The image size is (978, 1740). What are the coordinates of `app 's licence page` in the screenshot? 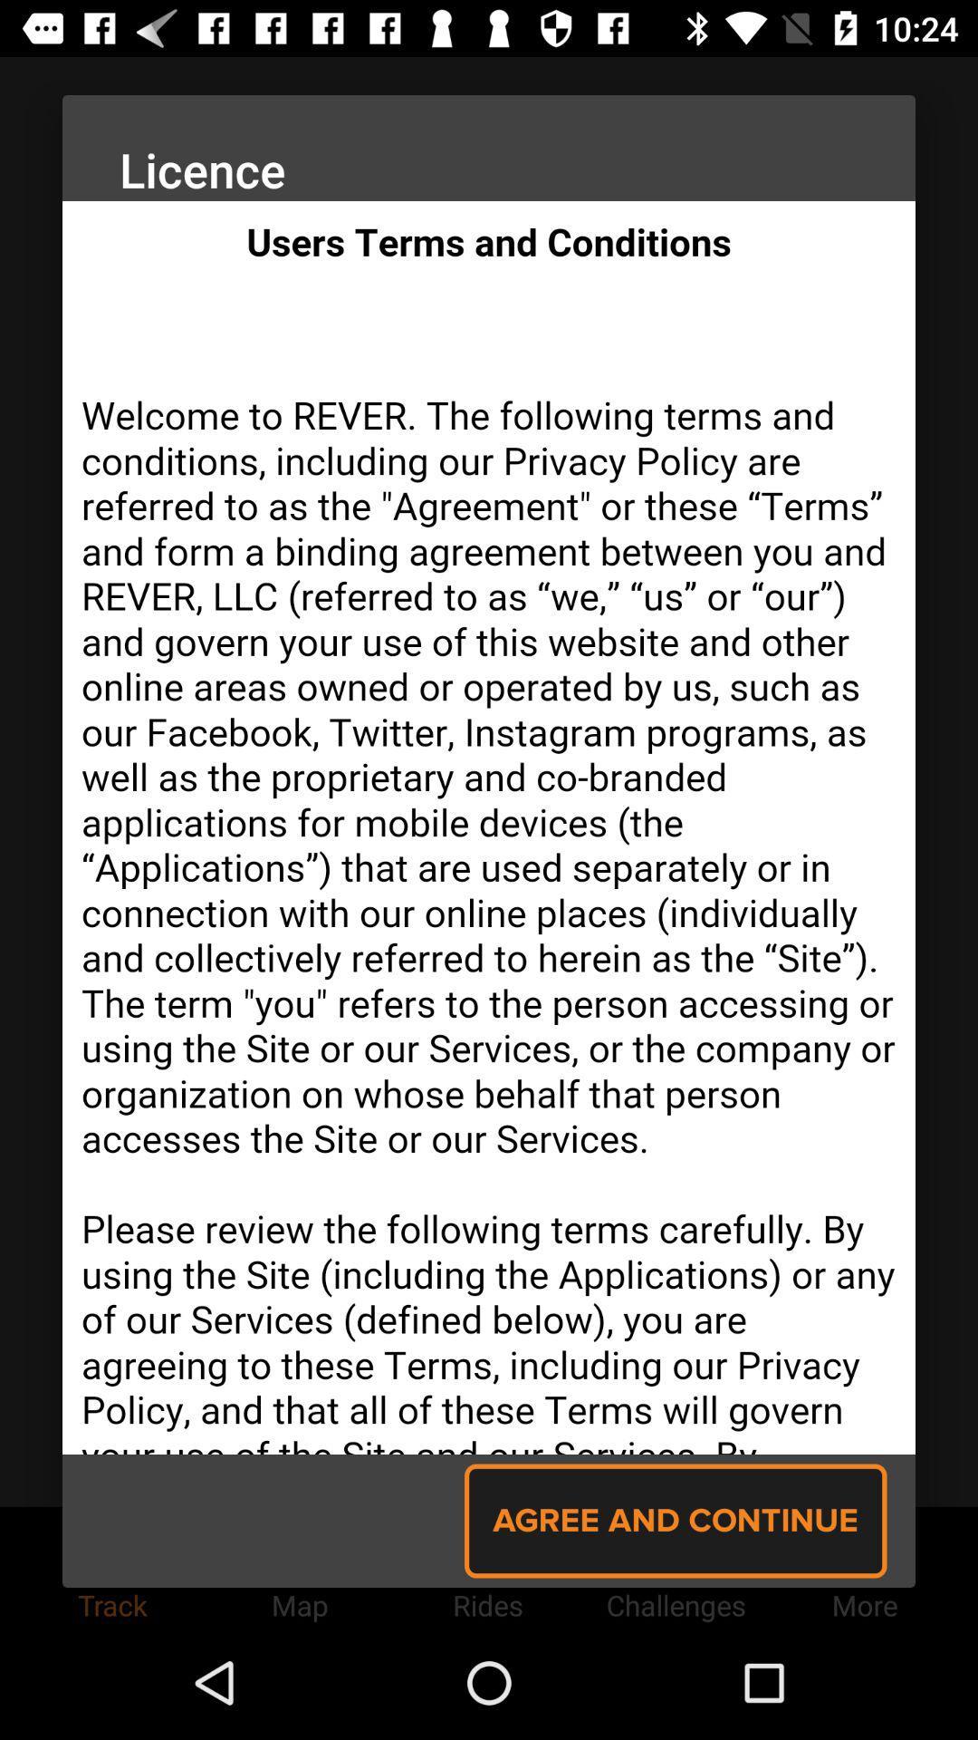 It's located at (489, 826).